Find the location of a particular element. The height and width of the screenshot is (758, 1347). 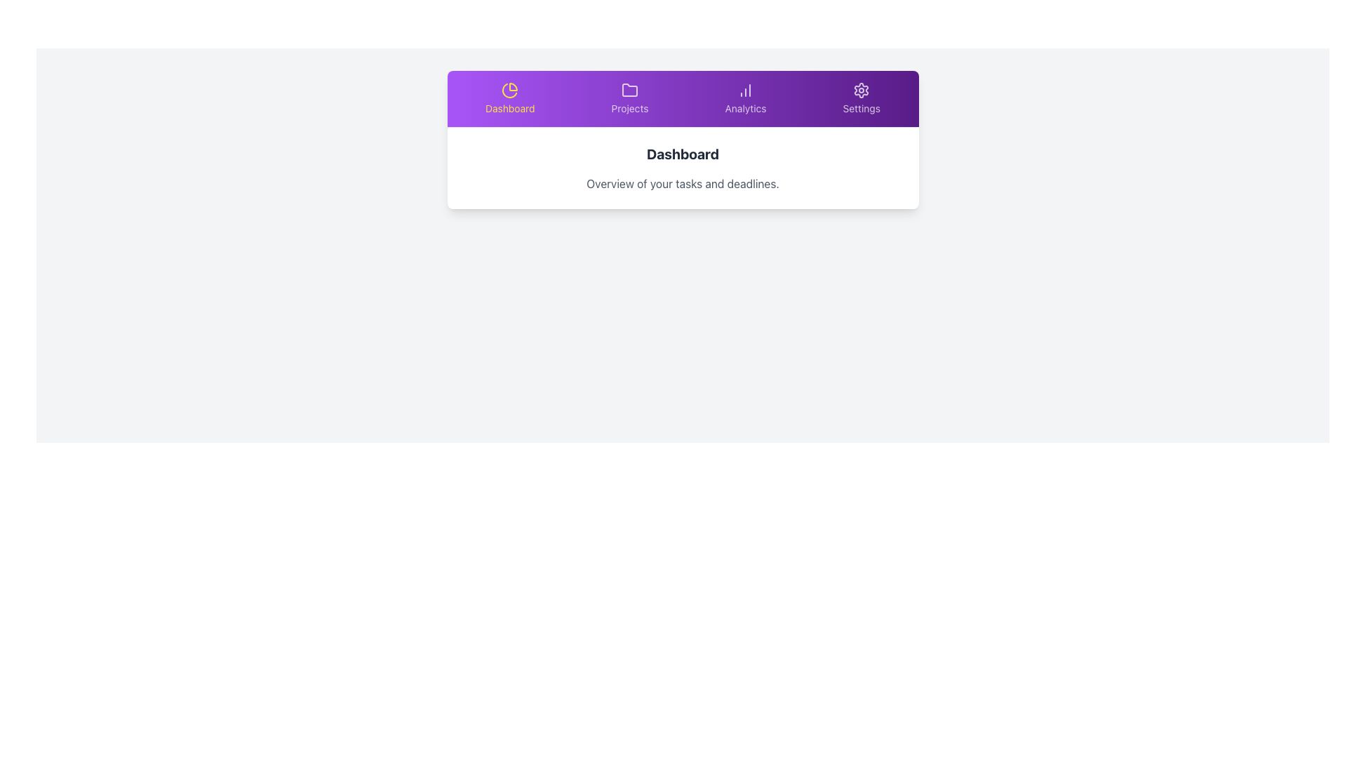

the text label displaying 'Overview of your tasks and deadlines.' which is located below the 'Dashboard' text is located at coordinates (683, 183).